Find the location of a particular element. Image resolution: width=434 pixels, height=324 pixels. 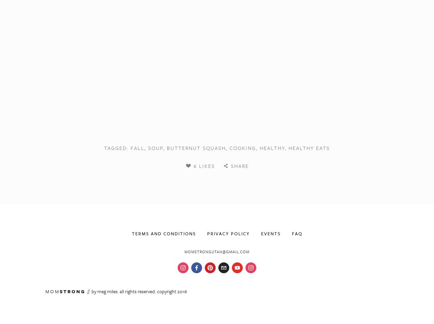

'Terms and Conditions' is located at coordinates (163, 233).